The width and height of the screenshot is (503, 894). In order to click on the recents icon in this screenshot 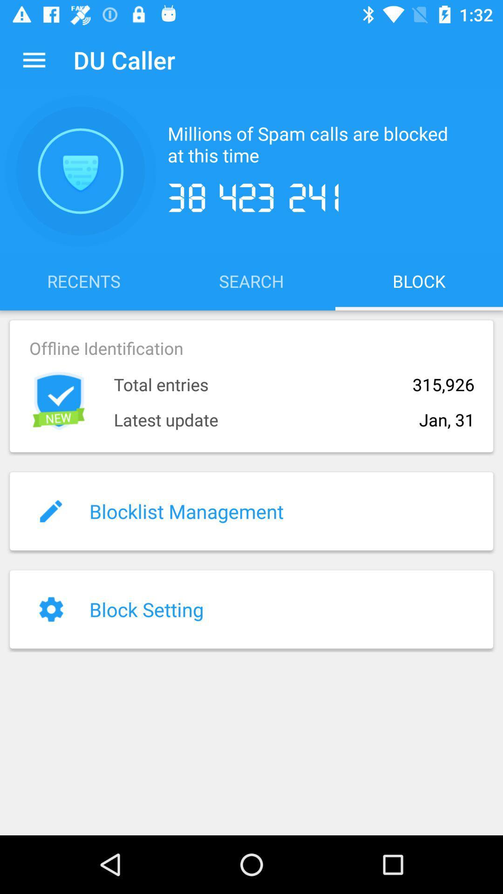, I will do `click(84, 280)`.